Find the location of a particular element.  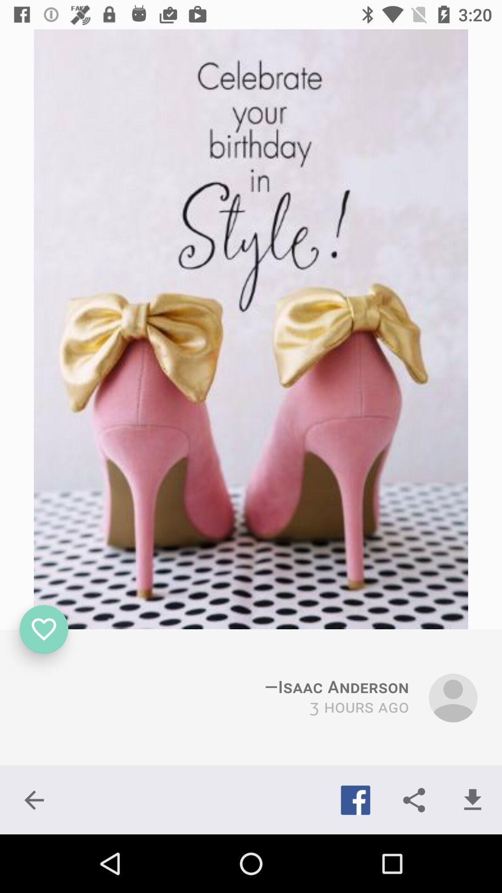

the favorite icon is located at coordinates (44, 629).